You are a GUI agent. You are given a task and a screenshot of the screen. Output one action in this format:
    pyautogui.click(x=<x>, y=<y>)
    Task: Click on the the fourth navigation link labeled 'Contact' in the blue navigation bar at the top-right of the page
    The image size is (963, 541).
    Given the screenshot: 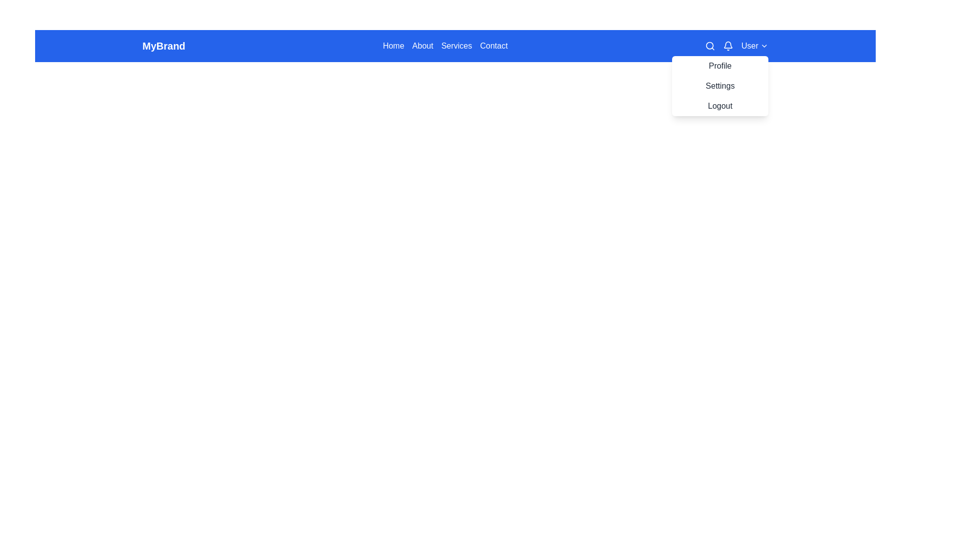 What is the action you would take?
    pyautogui.click(x=494, y=46)
    